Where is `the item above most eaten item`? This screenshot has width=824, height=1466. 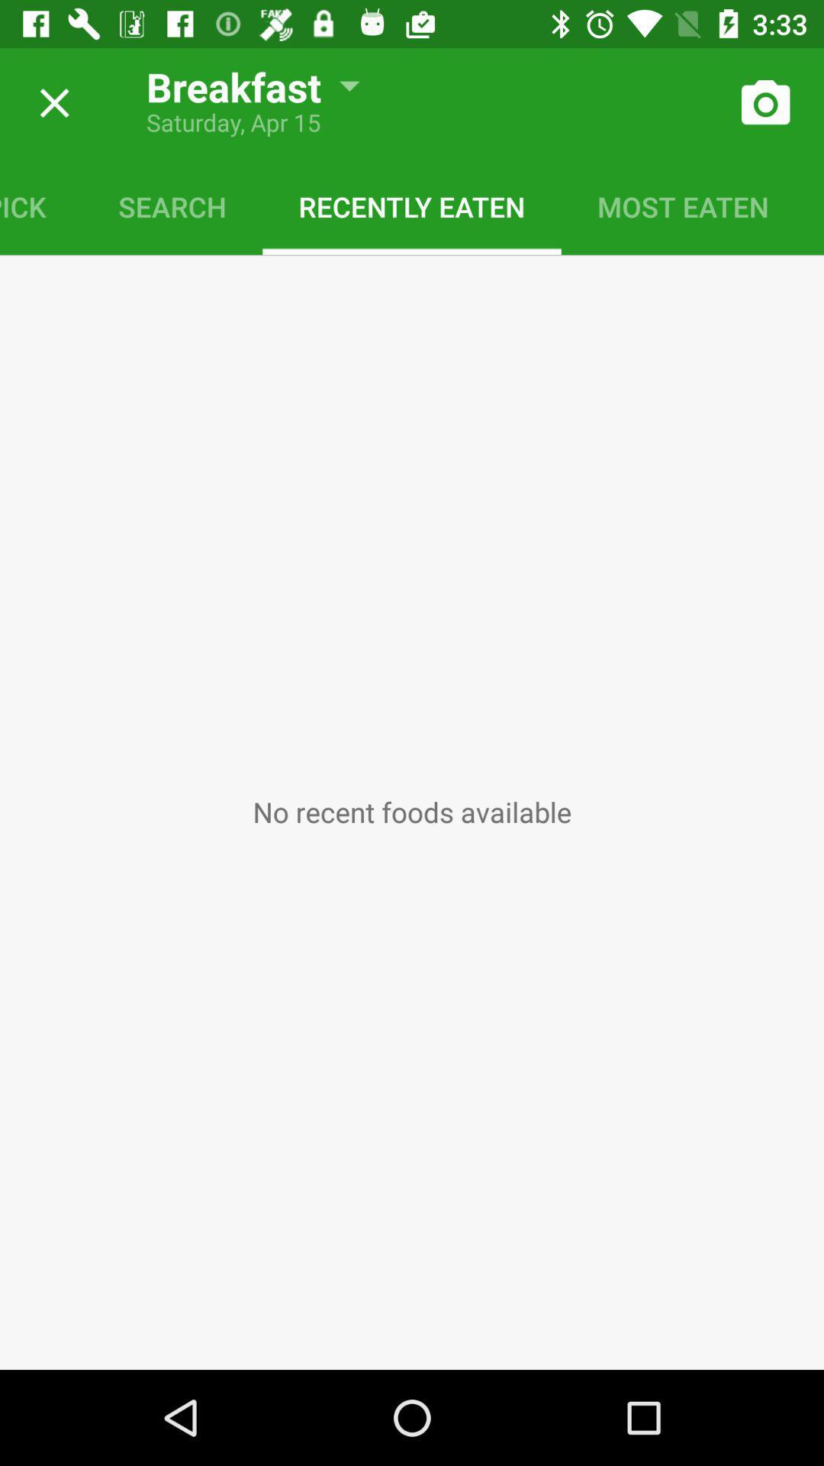 the item above most eaten item is located at coordinates (764, 102).